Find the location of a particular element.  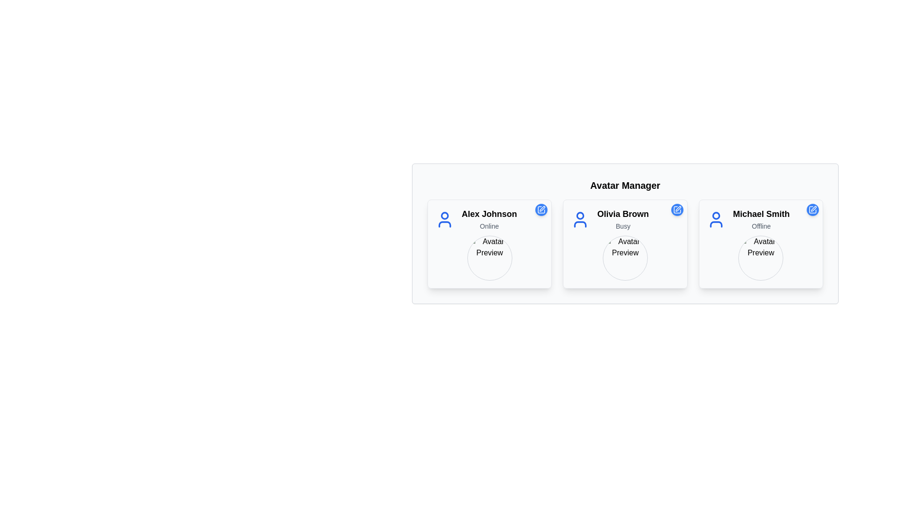

the circular head representation of the avatar icon for 'Alex Johnson' located at the top of the avatar card is located at coordinates (444, 215).